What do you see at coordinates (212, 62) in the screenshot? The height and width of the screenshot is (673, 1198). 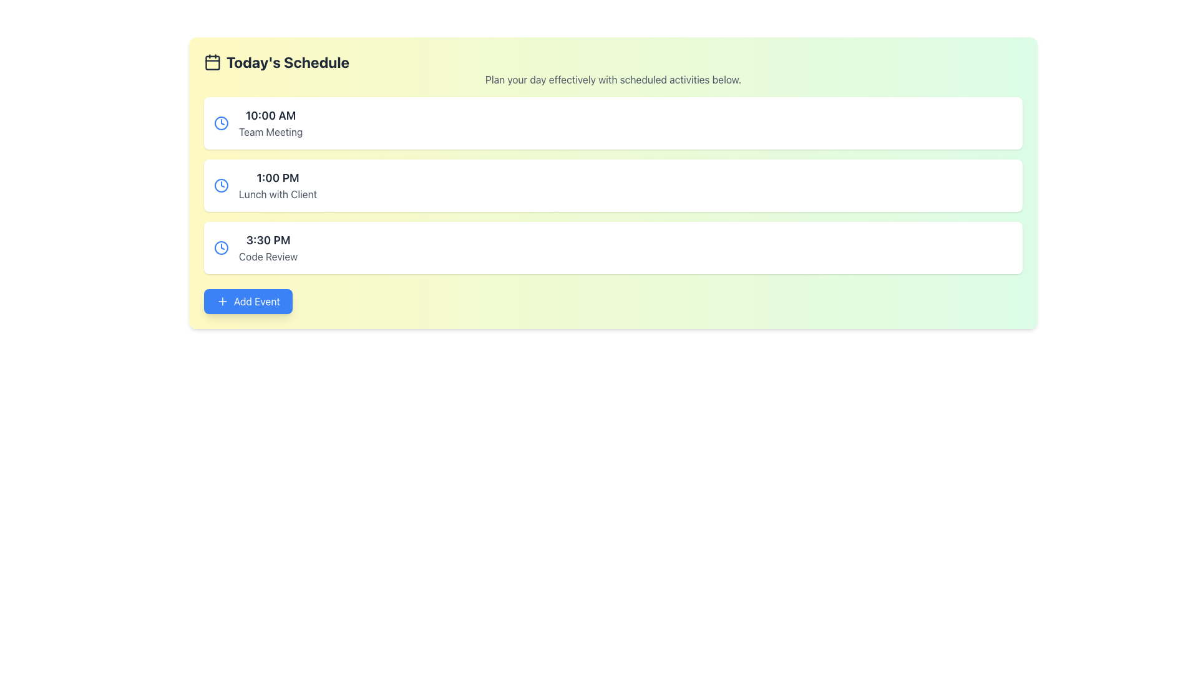 I see `the calendar icon associated with the title 'Today's Schedule' located at the top left corner of the schedule interface` at bounding box center [212, 62].